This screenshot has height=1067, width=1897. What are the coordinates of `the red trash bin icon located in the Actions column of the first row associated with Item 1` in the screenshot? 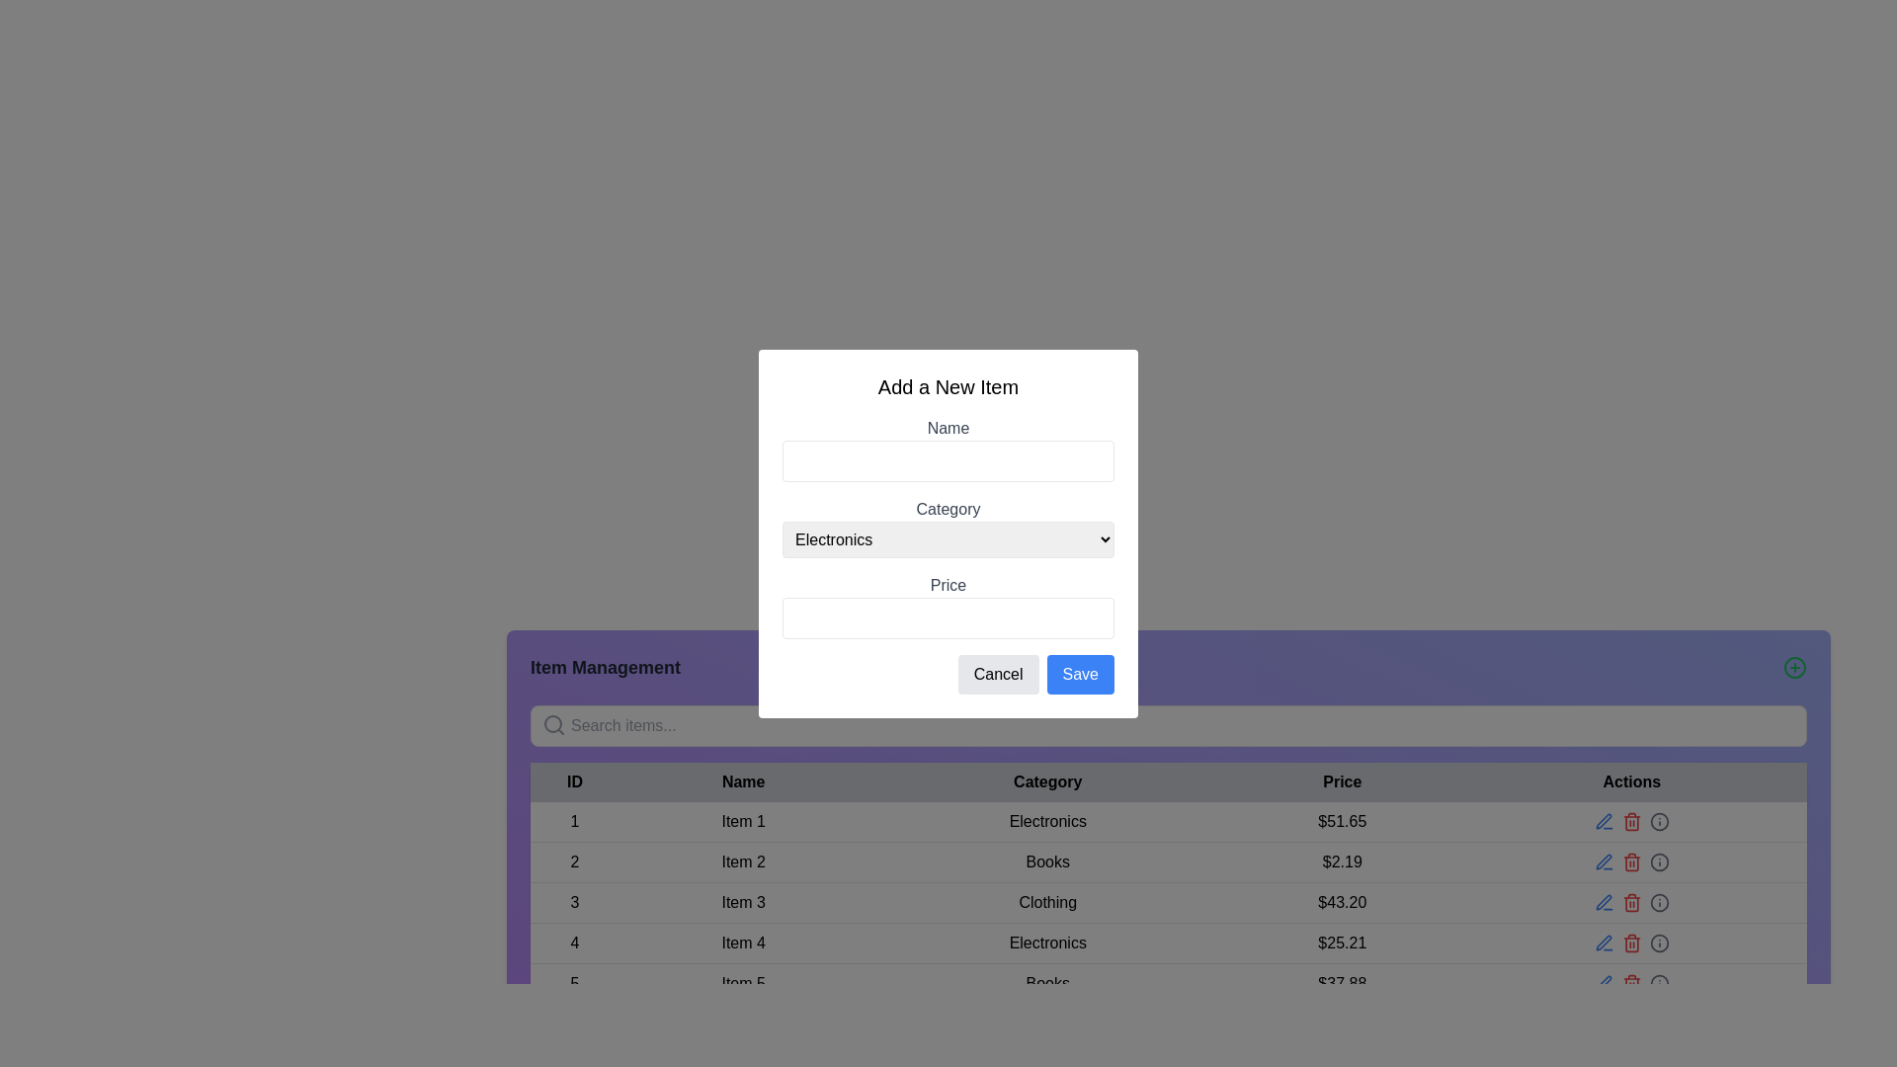 It's located at (1631, 822).